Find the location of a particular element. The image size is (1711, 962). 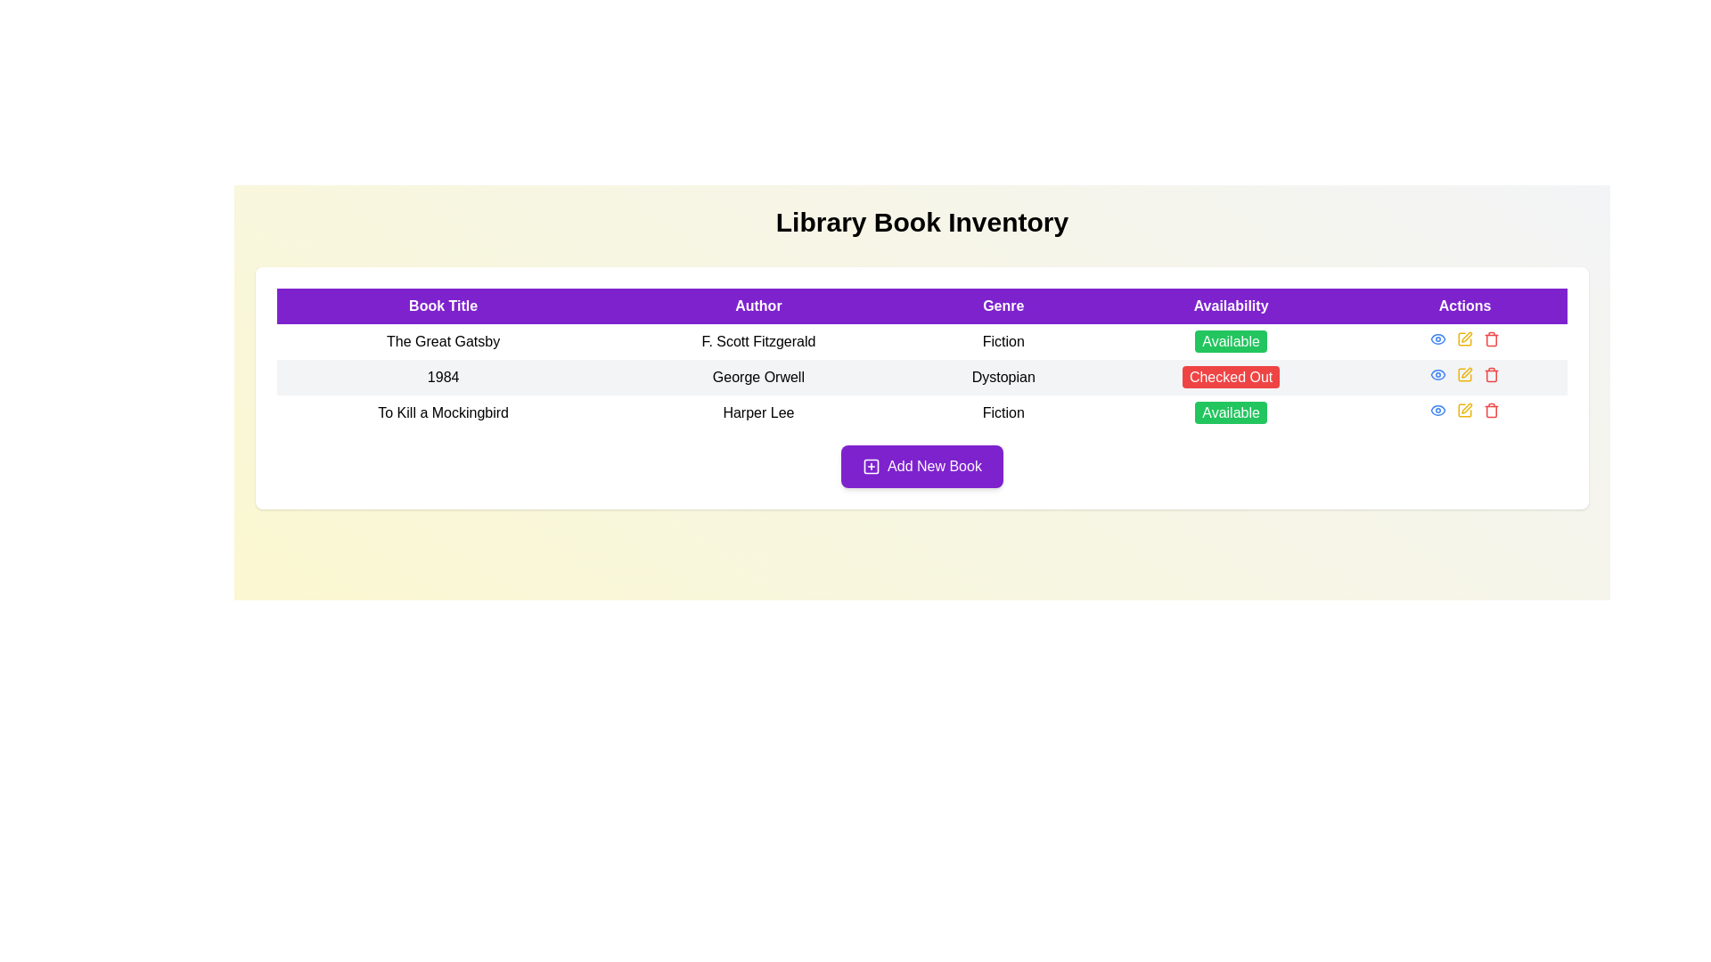

the 'Actions' header in the table, which is the fifth column located next to 'Availability' is located at coordinates (1465, 305).